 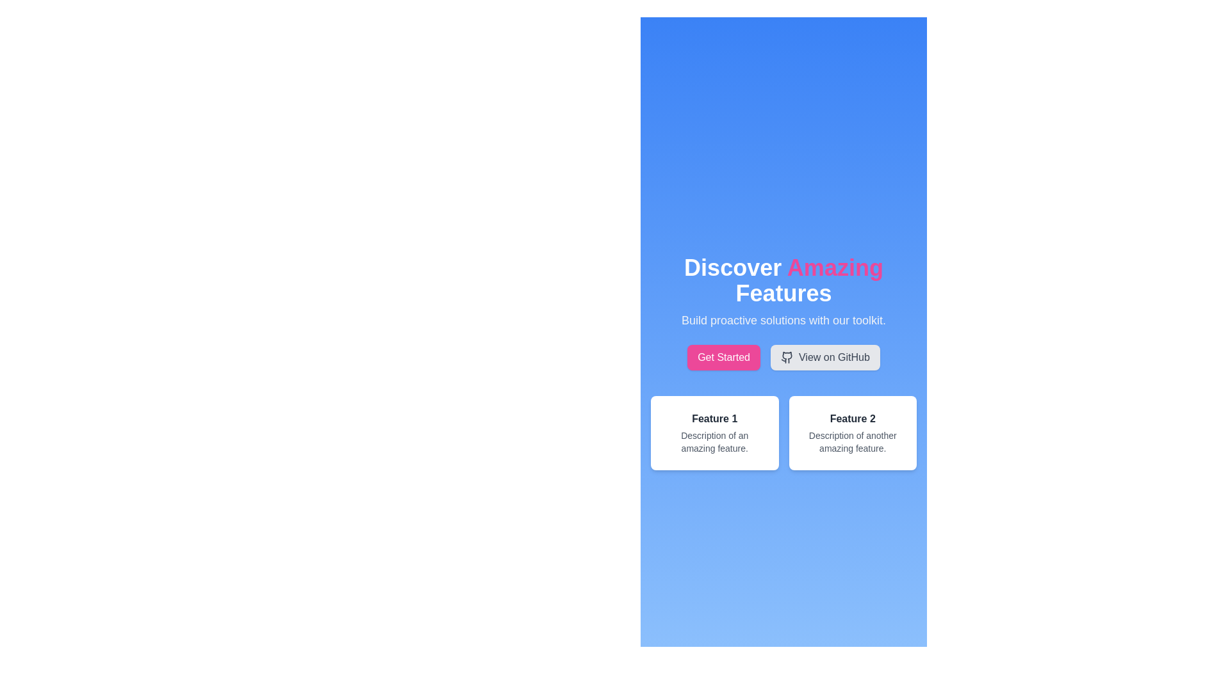 What do you see at coordinates (853, 441) in the screenshot?
I see `the descriptive text for 'Feature 2' located beneath the heading text in the card highlighting this feature` at bounding box center [853, 441].